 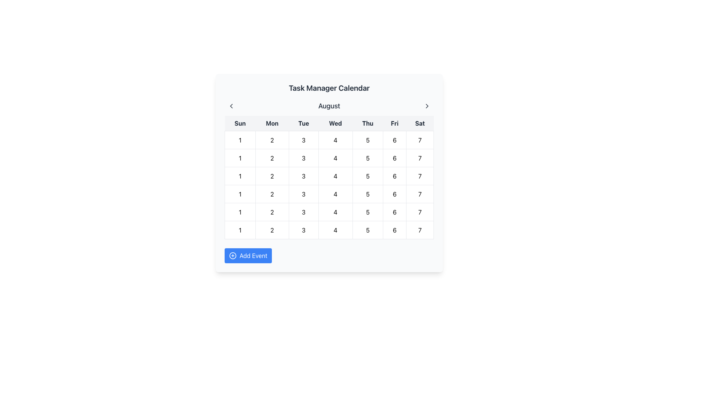 What do you see at coordinates (335, 140) in the screenshot?
I see `the calendar cell containing the number '4' under the 'Wed' column header` at bounding box center [335, 140].